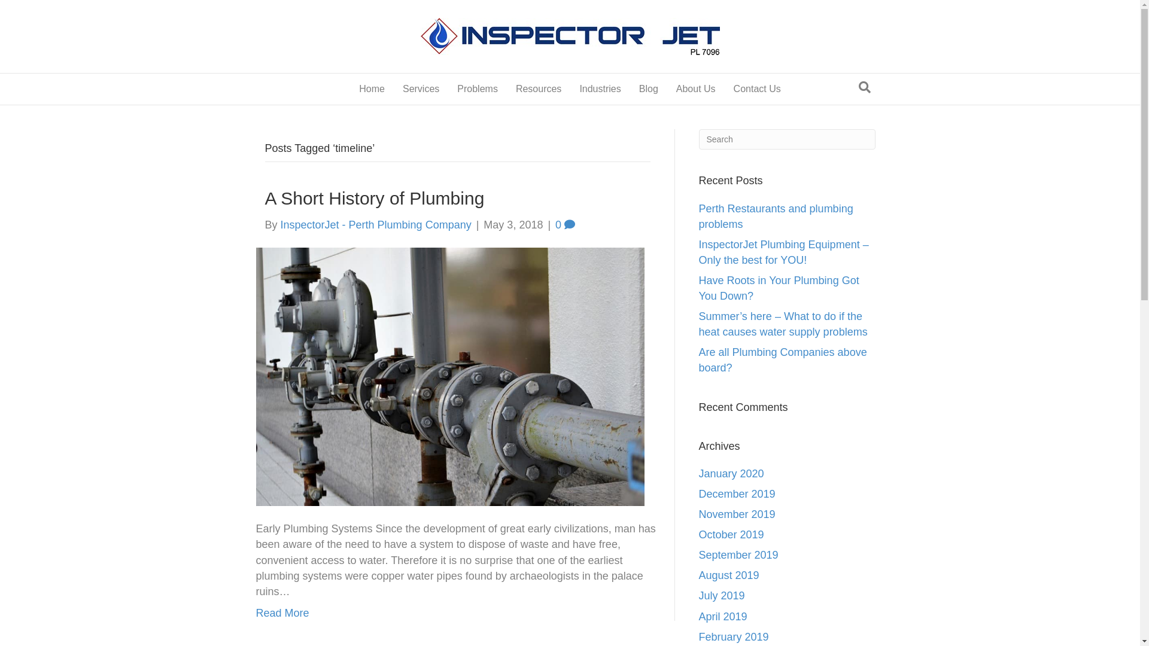 This screenshot has height=646, width=1149. I want to click on 'Resources', so click(538, 89).